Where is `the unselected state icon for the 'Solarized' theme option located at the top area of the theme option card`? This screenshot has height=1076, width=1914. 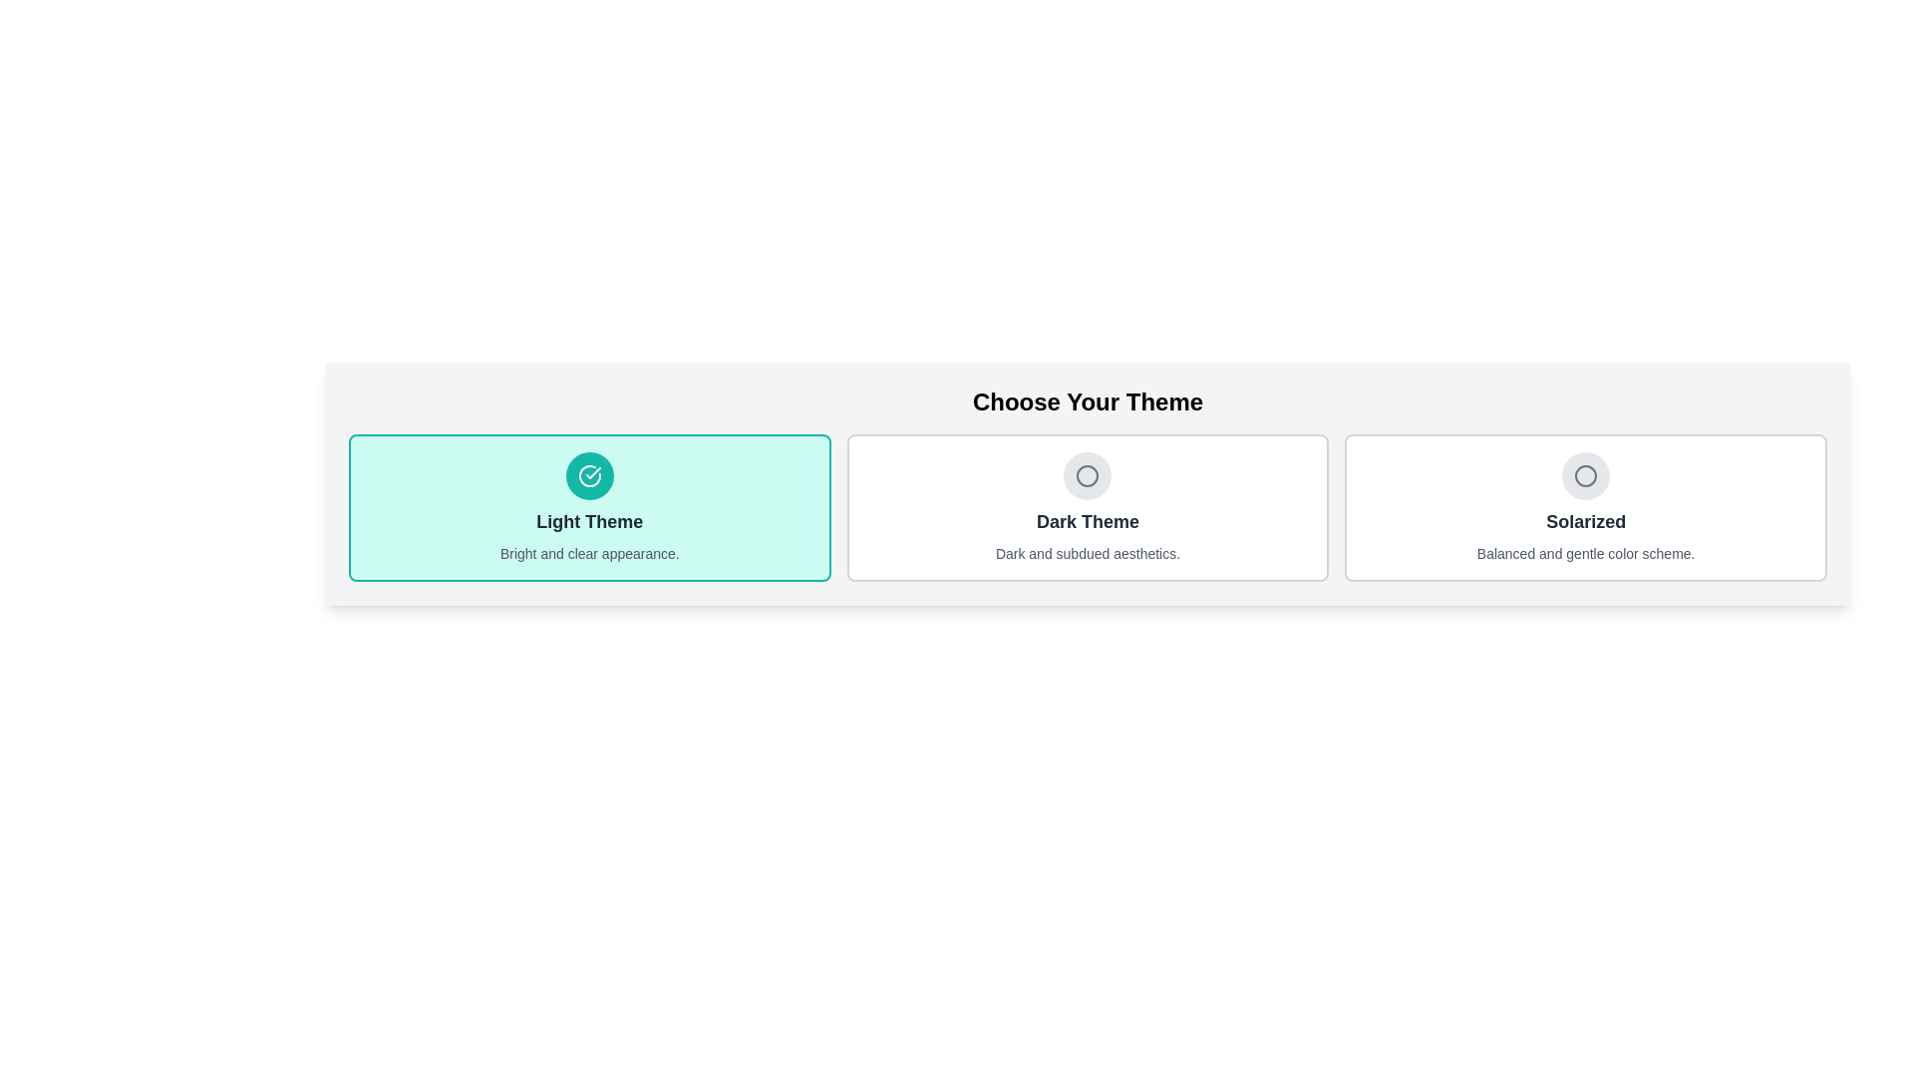 the unselected state icon for the 'Solarized' theme option located at the top area of the theme option card is located at coordinates (1584, 476).